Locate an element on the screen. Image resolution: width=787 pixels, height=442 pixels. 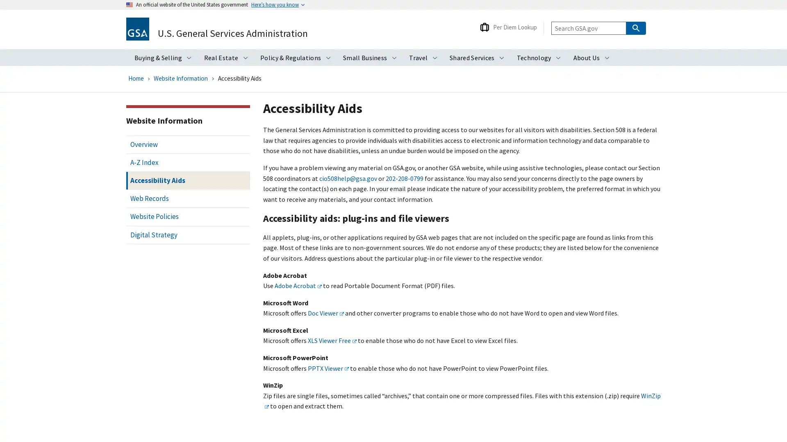
Search is located at coordinates (635, 28).